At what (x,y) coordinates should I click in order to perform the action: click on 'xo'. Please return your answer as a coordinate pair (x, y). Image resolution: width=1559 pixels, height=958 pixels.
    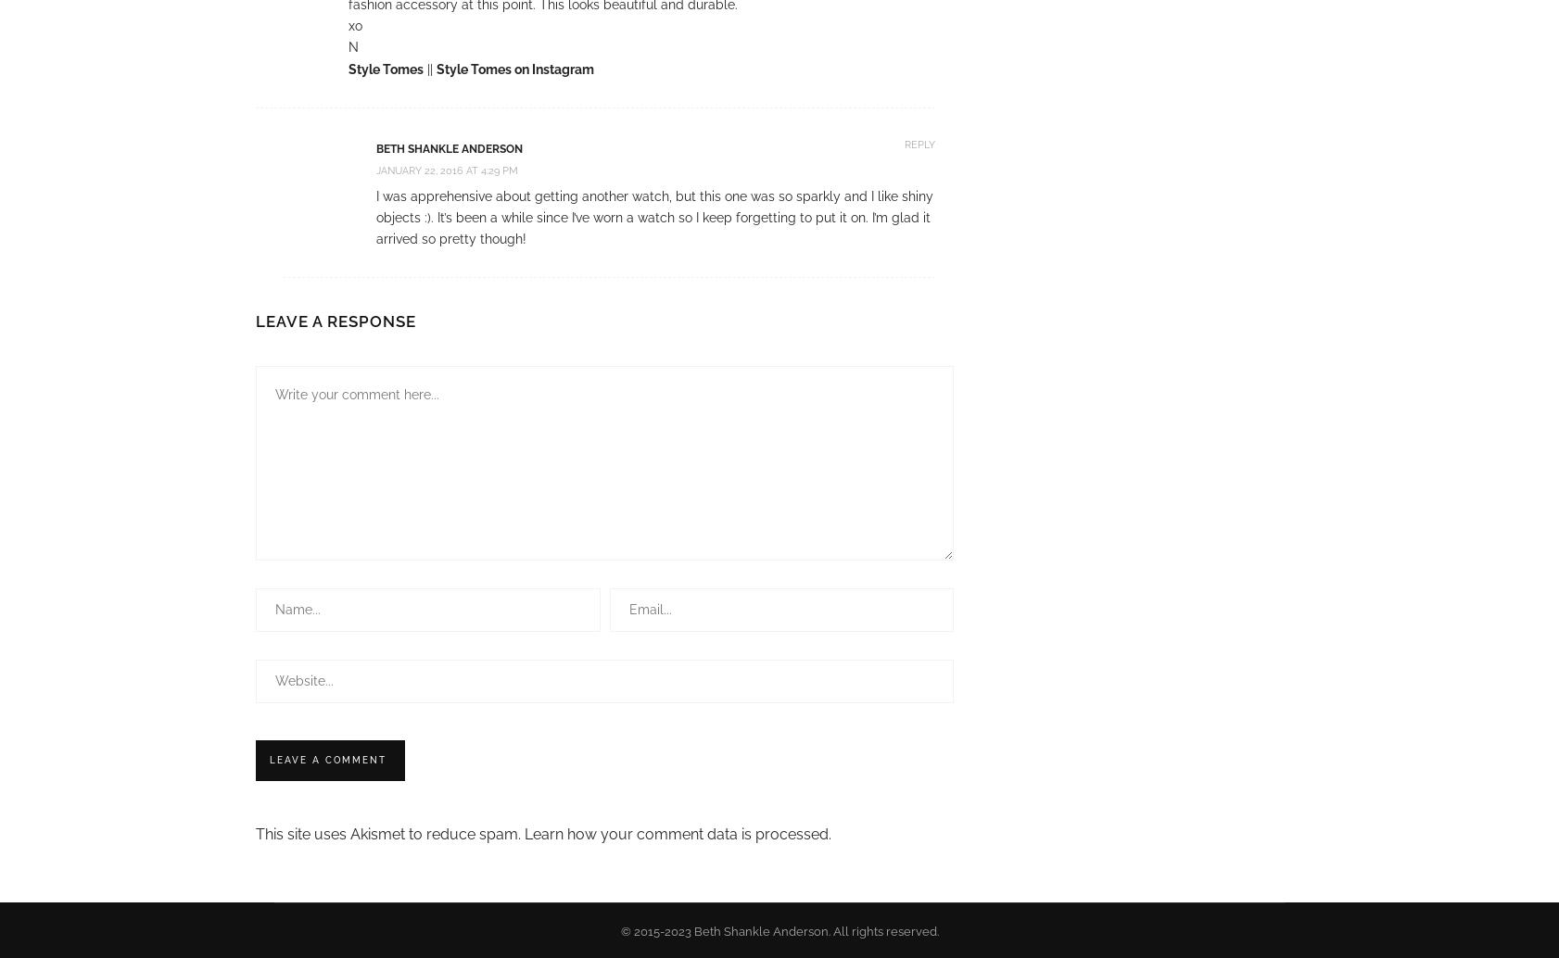
    Looking at the image, I should click on (354, 25).